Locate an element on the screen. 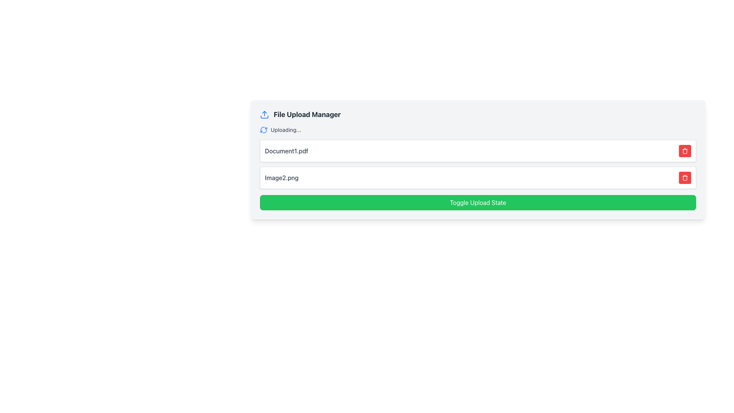 The height and width of the screenshot is (413, 734). the small red button with a white trash bin icon located to the far right of the 'Image2.png' text is located at coordinates (685, 178).